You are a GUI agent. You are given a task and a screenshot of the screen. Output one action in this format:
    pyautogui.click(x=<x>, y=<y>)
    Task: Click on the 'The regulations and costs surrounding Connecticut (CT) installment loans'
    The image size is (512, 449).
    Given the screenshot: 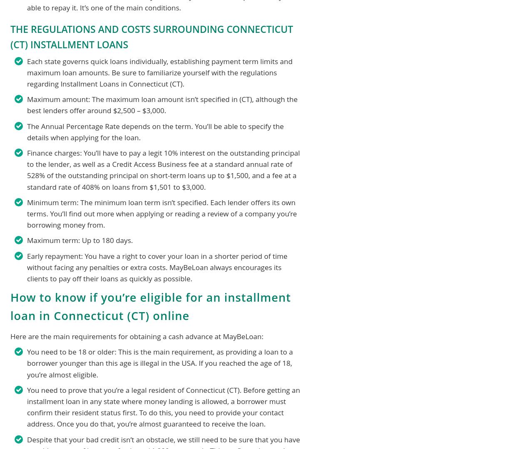 What is the action you would take?
    pyautogui.click(x=151, y=37)
    